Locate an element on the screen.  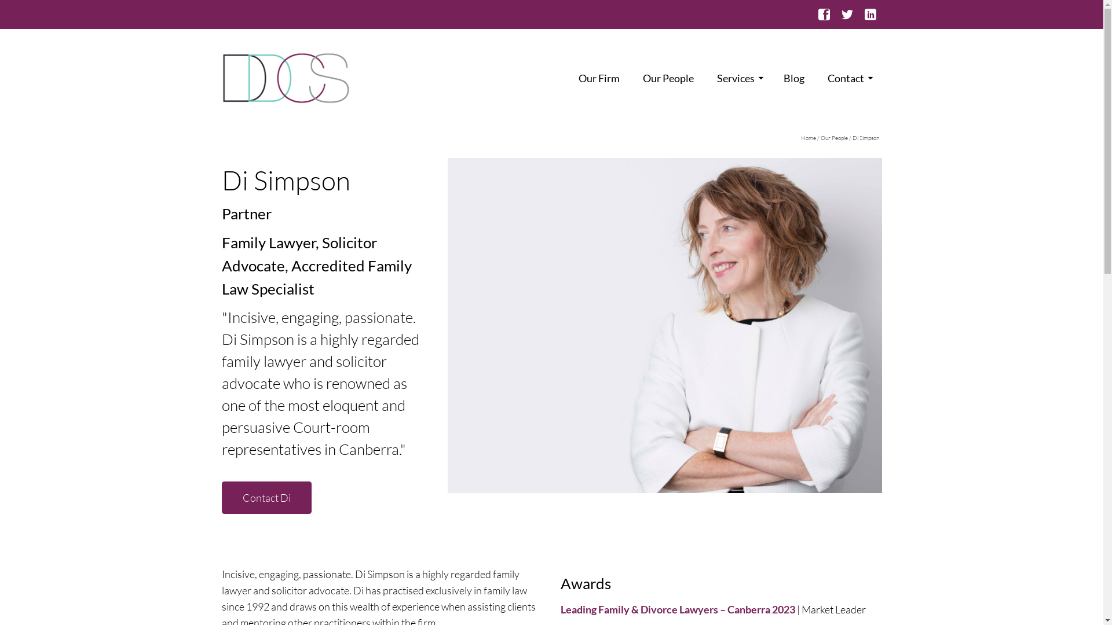
'Home' is located at coordinates (800, 137).